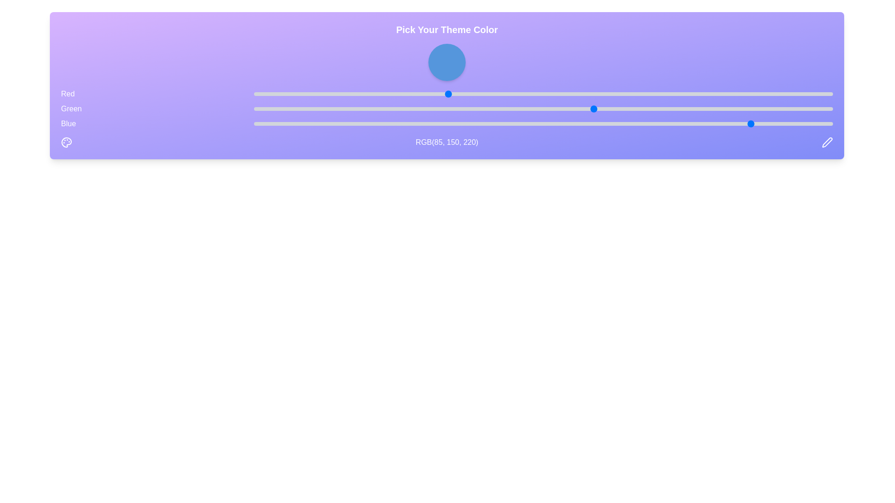  I want to click on the circular color display with a blue background, positioned beneath 'Pick Your Theme Color' and above the RGB sliders, so click(447, 62).